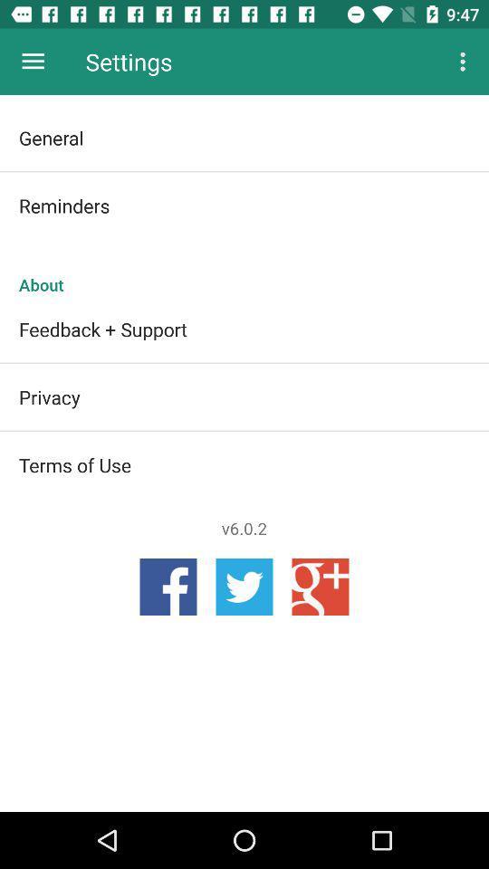 Image resolution: width=489 pixels, height=869 pixels. Describe the element at coordinates (244, 463) in the screenshot. I see `item above the v6.0.2` at that location.